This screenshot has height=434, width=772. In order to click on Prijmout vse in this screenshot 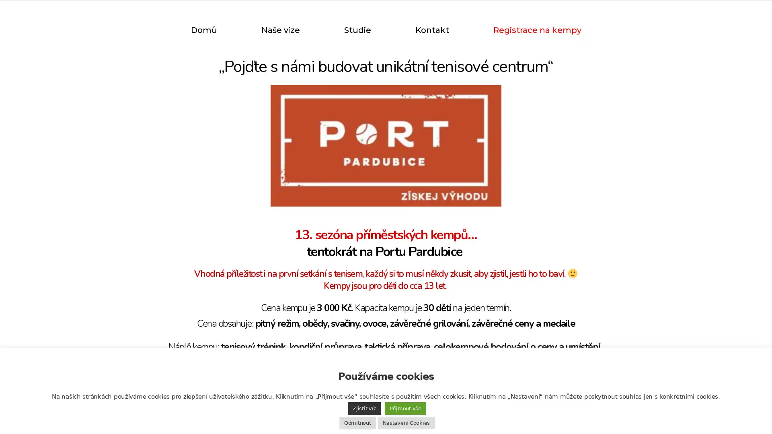, I will do `click(405, 408)`.